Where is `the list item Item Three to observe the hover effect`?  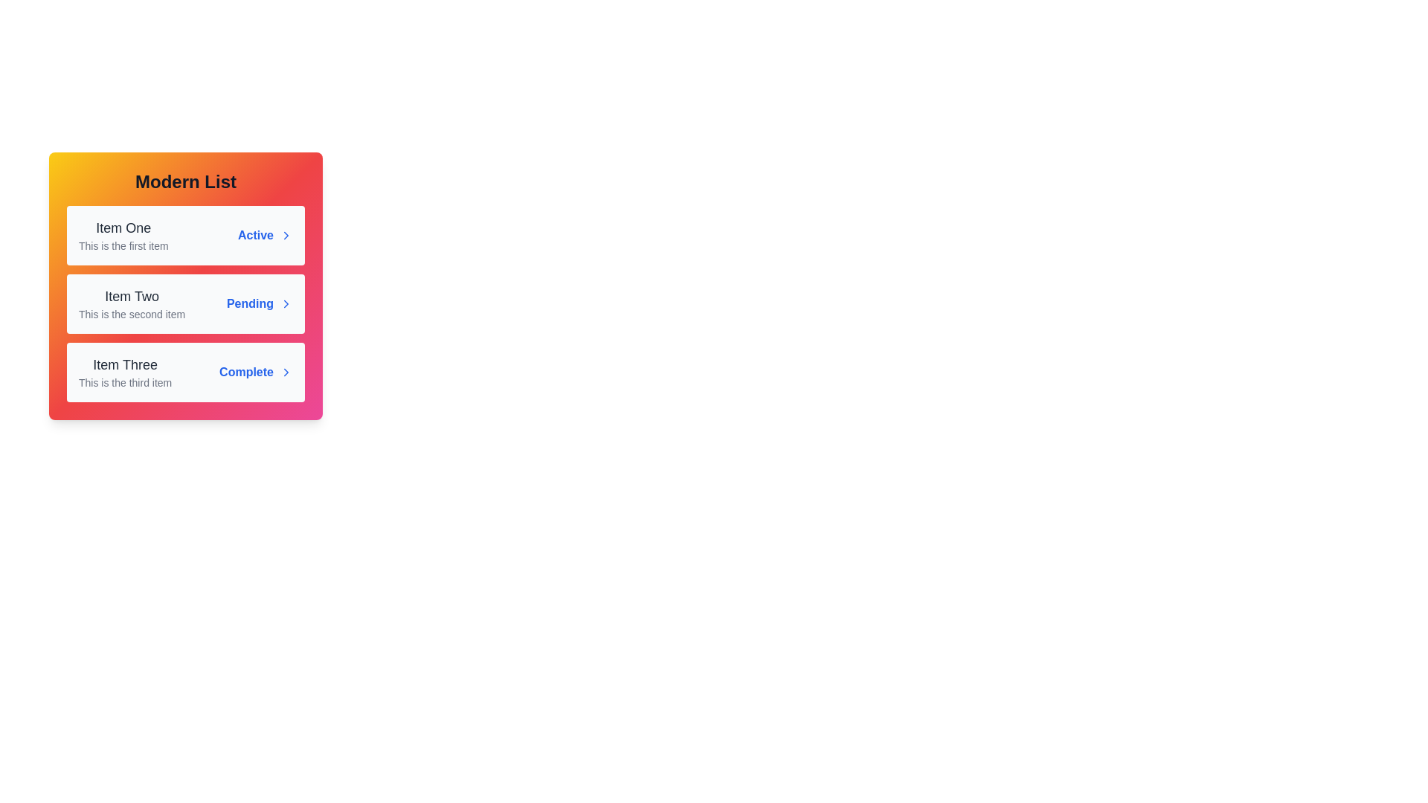 the list item Item Three to observe the hover effect is located at coordinates (184, 372).